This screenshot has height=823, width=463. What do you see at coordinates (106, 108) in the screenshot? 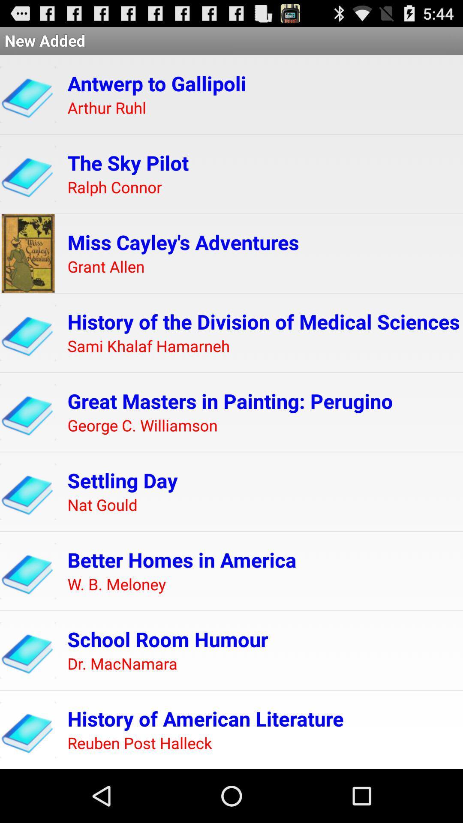
I see `arthur ruhl item` at bounding box center [106, 108].